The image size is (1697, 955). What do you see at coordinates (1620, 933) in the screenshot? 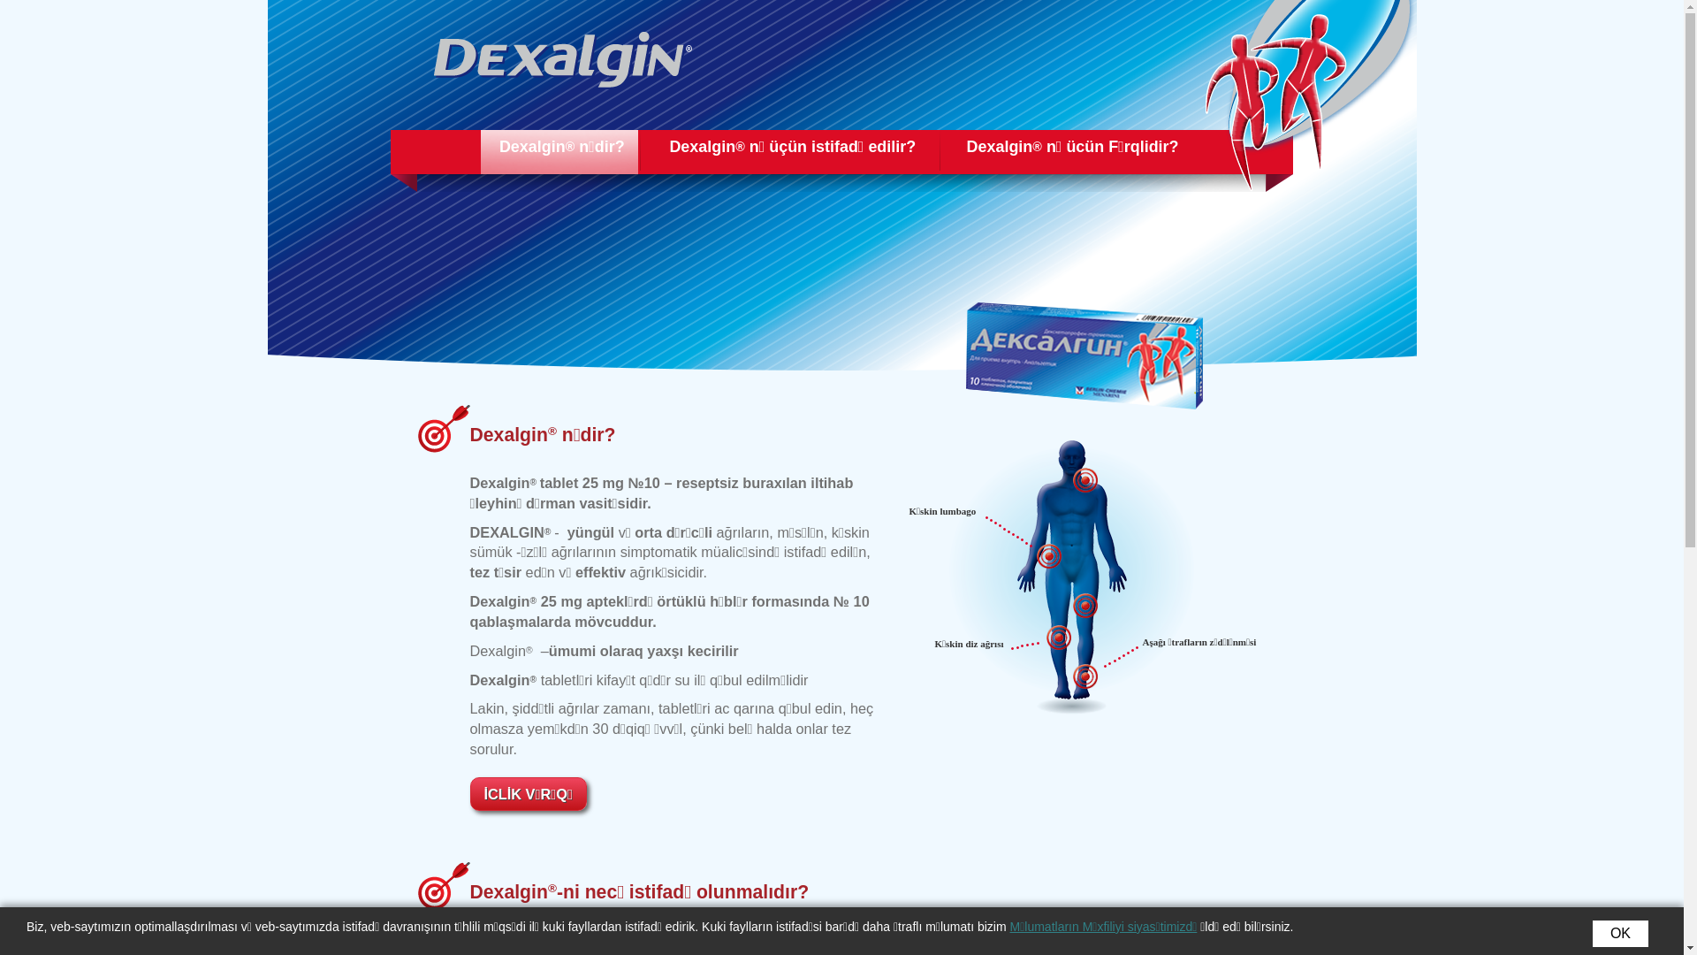
I see `'OK'` at bounding box center [1620, 933].